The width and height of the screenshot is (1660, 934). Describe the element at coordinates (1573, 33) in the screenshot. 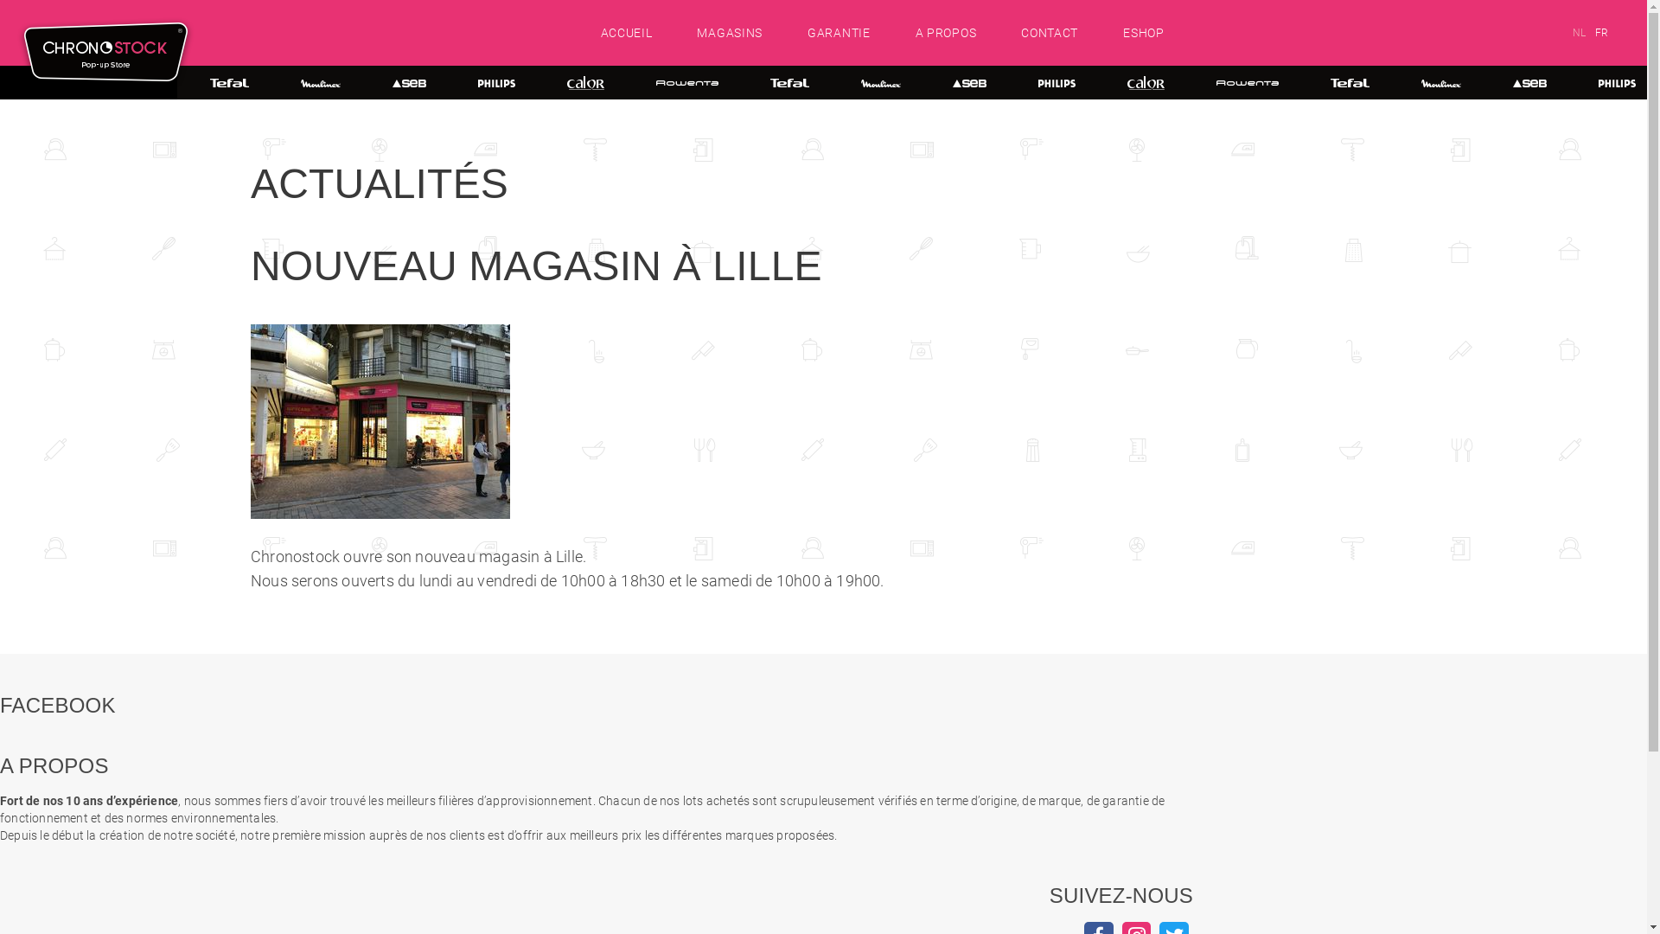

I see `'NL'` at that location.